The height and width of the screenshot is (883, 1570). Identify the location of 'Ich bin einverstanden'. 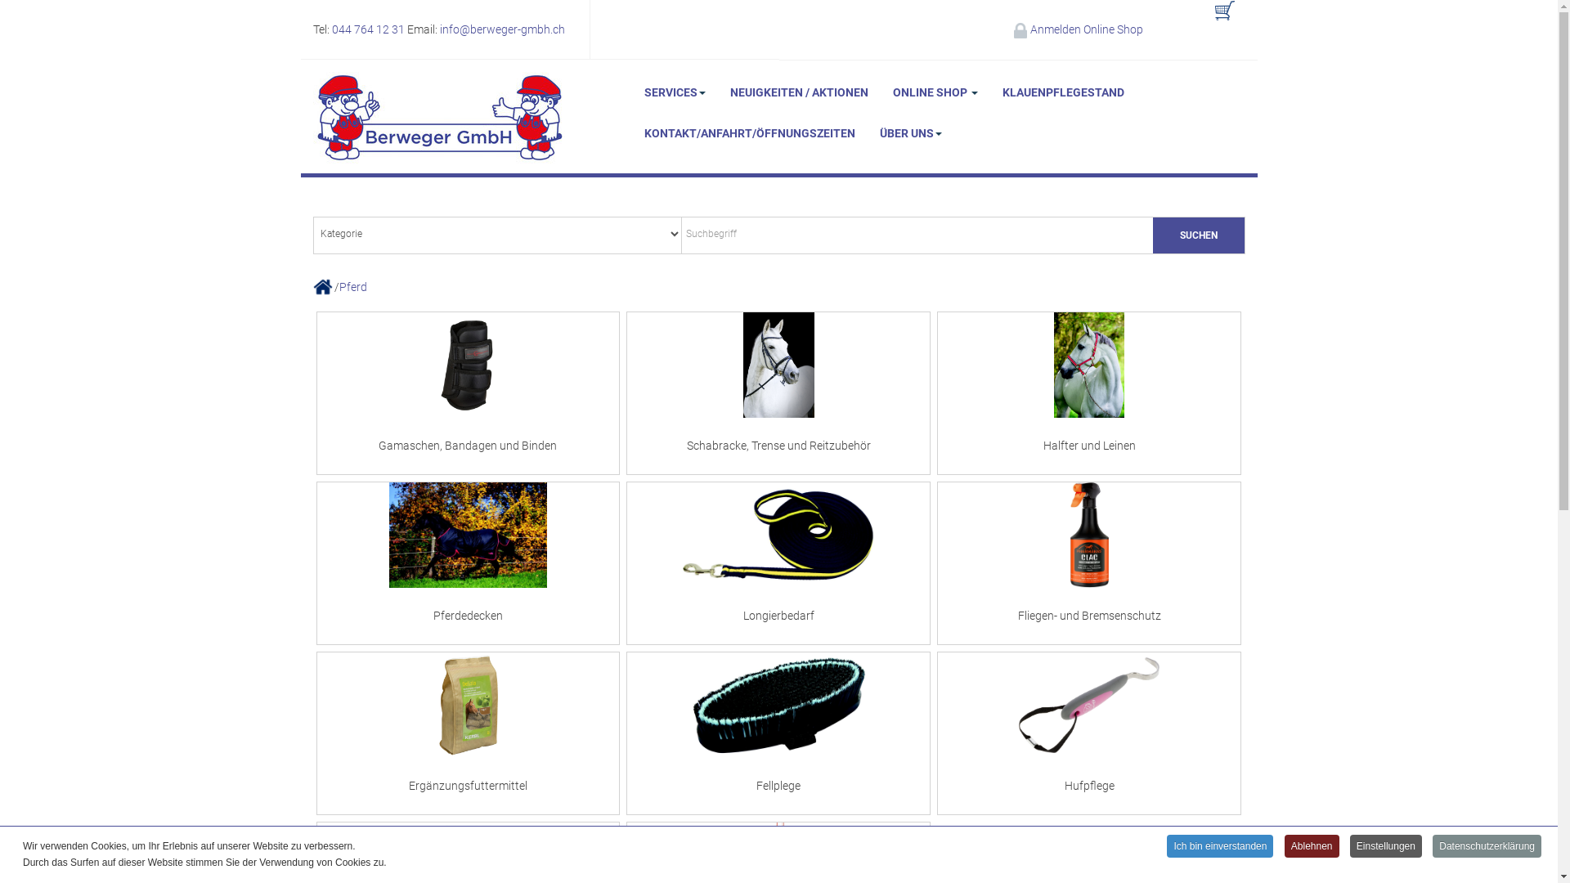
(1220, 846).